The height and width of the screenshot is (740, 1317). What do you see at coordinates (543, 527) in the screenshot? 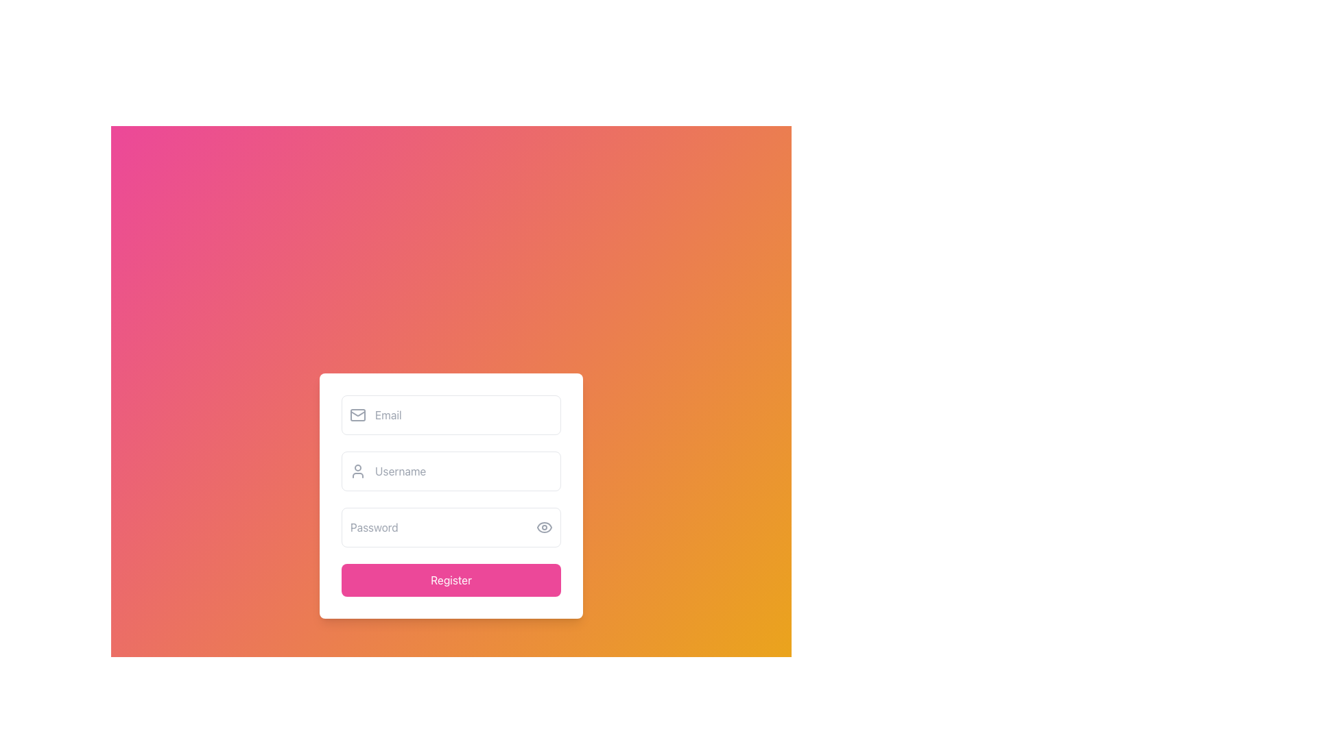
I see `the 'visibility' part of the password visibility toggle icon located at the far-right side of the 'Password' input field` at bounding box center [543, 527].